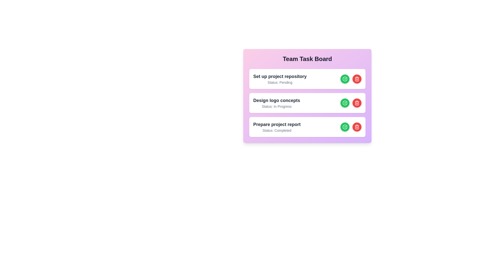  What do you see at coordinates (307, 58) in the screenshot?
I see `the title of the component, 'Team Task Board', located at its center` at bounding box center [307, 58].